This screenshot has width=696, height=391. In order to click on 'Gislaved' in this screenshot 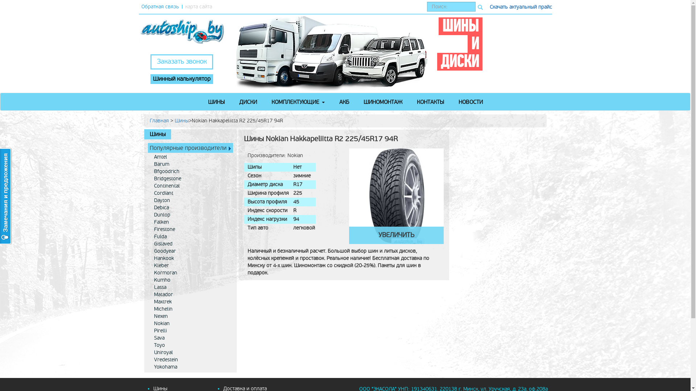, I will do `click(191, 244)`.